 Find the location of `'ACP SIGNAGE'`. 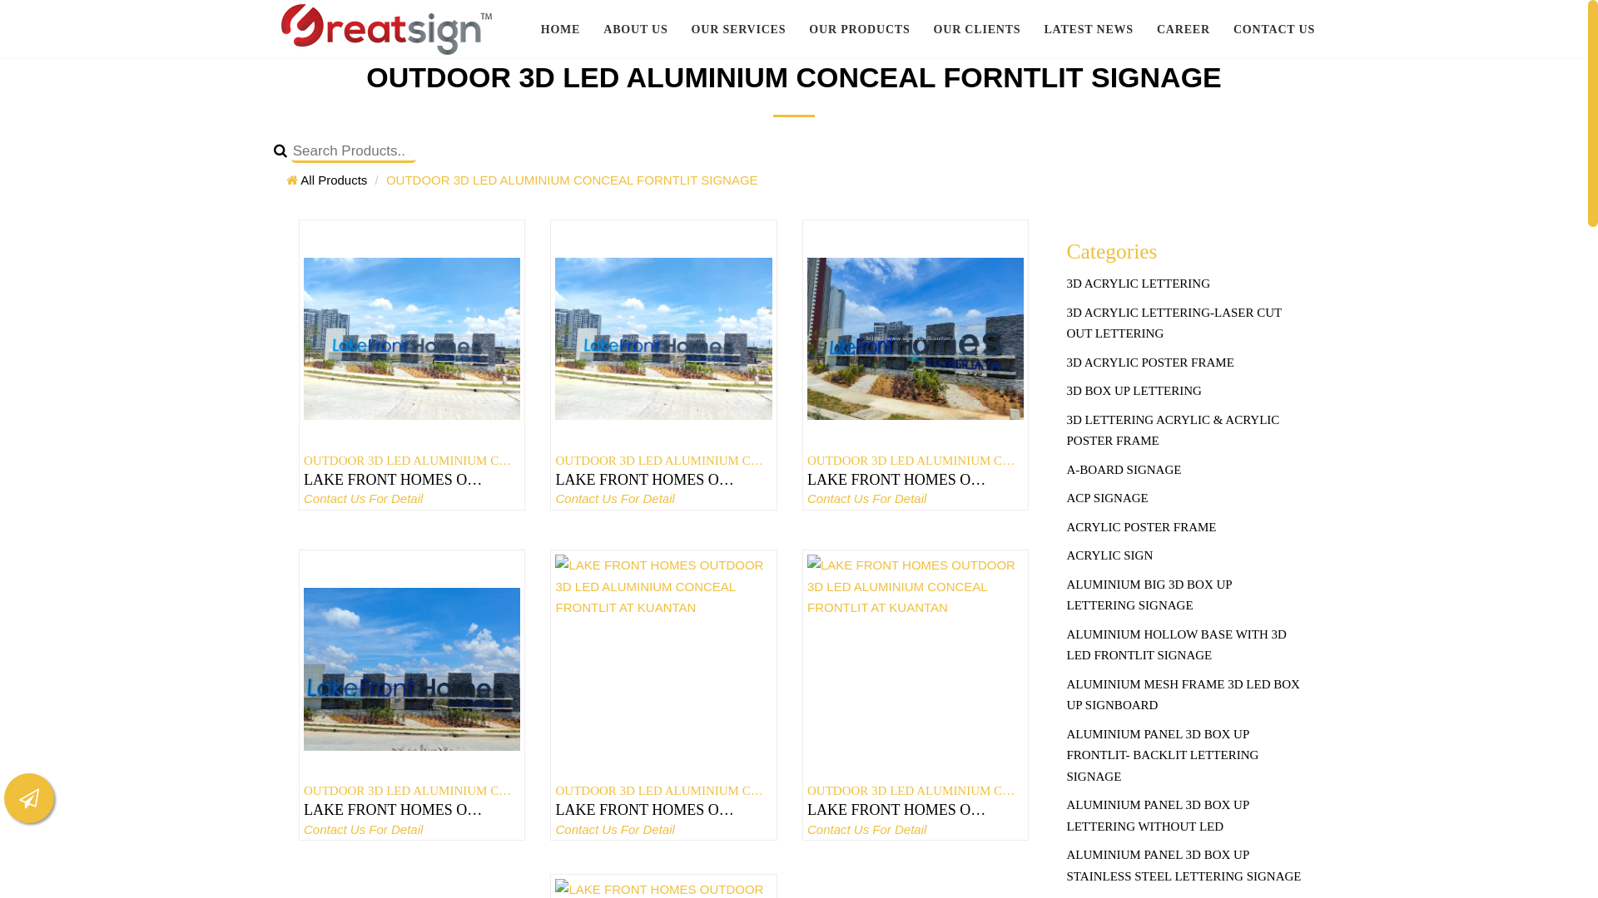

'ACP SIGNAGE' is located at coordinates (1066, 498).